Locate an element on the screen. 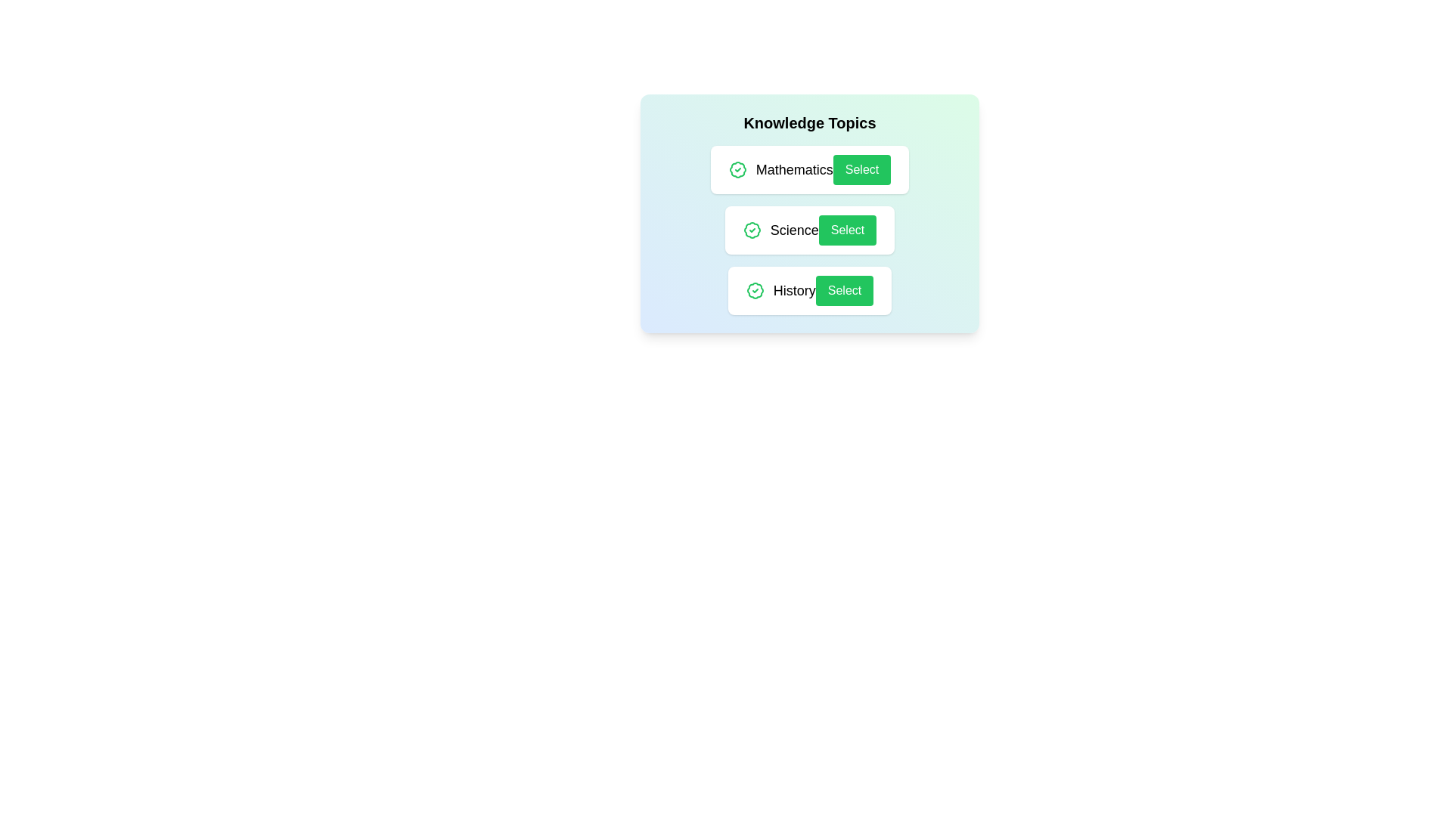  the badge icon next to the topic Mathematics is located at coordinates (737, 169).